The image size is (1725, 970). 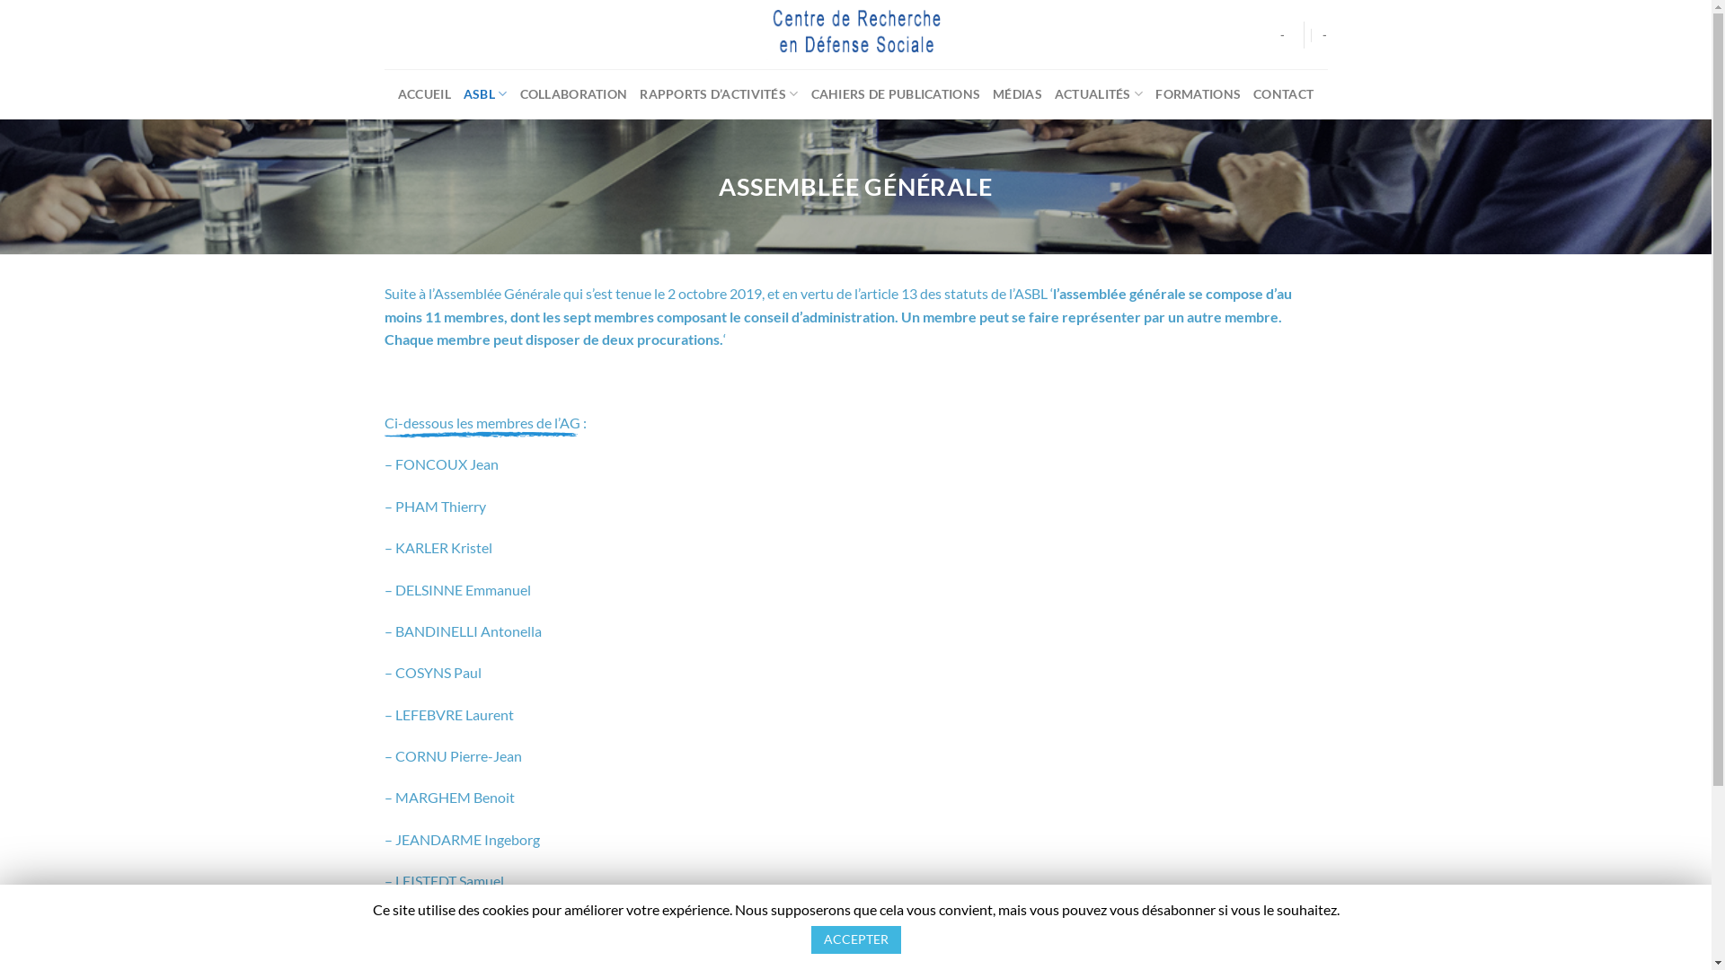 What do you see at coordinates (1155, 93) in the screenshot?
I see `'FORMATIONS'` at bounding box center [1155, 93].